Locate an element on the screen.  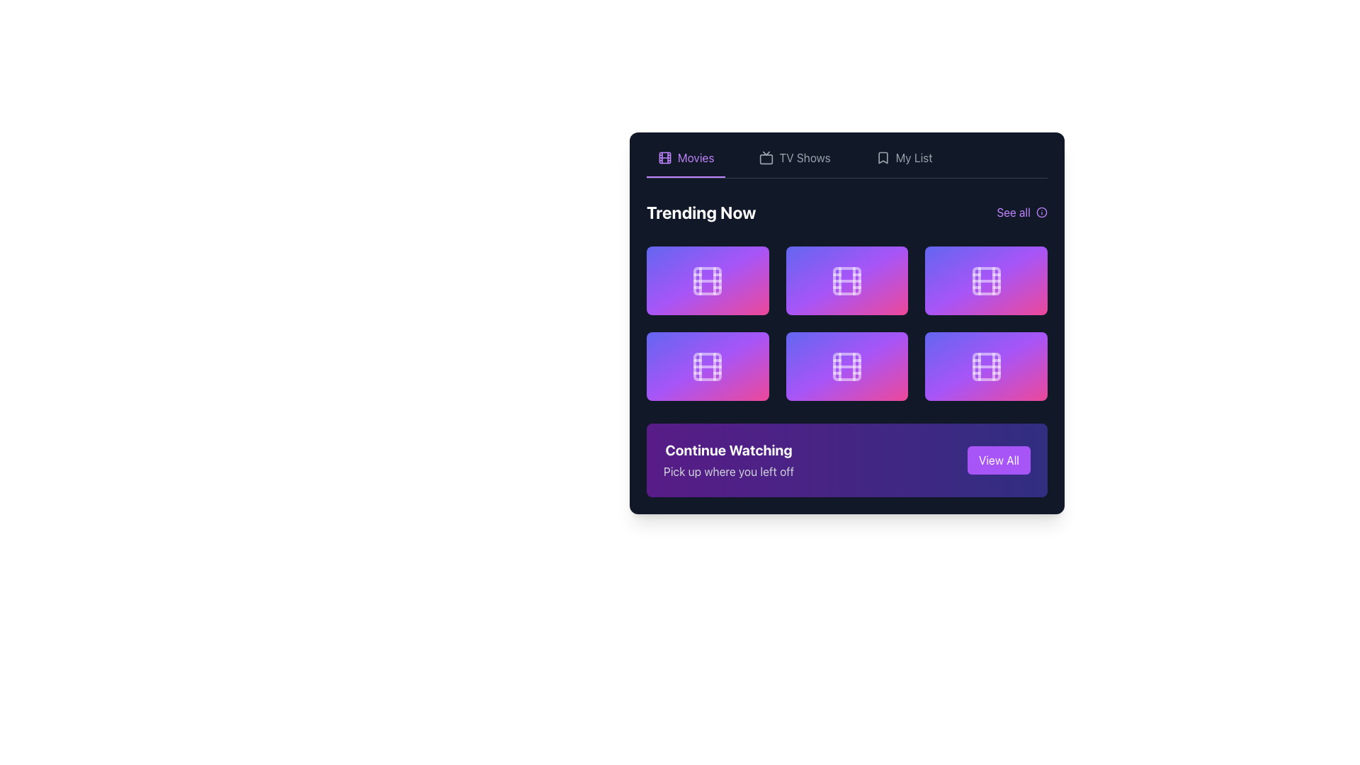
the film-strip-like icon in the 'Trending Now' section is located at coordinates (846, 365).